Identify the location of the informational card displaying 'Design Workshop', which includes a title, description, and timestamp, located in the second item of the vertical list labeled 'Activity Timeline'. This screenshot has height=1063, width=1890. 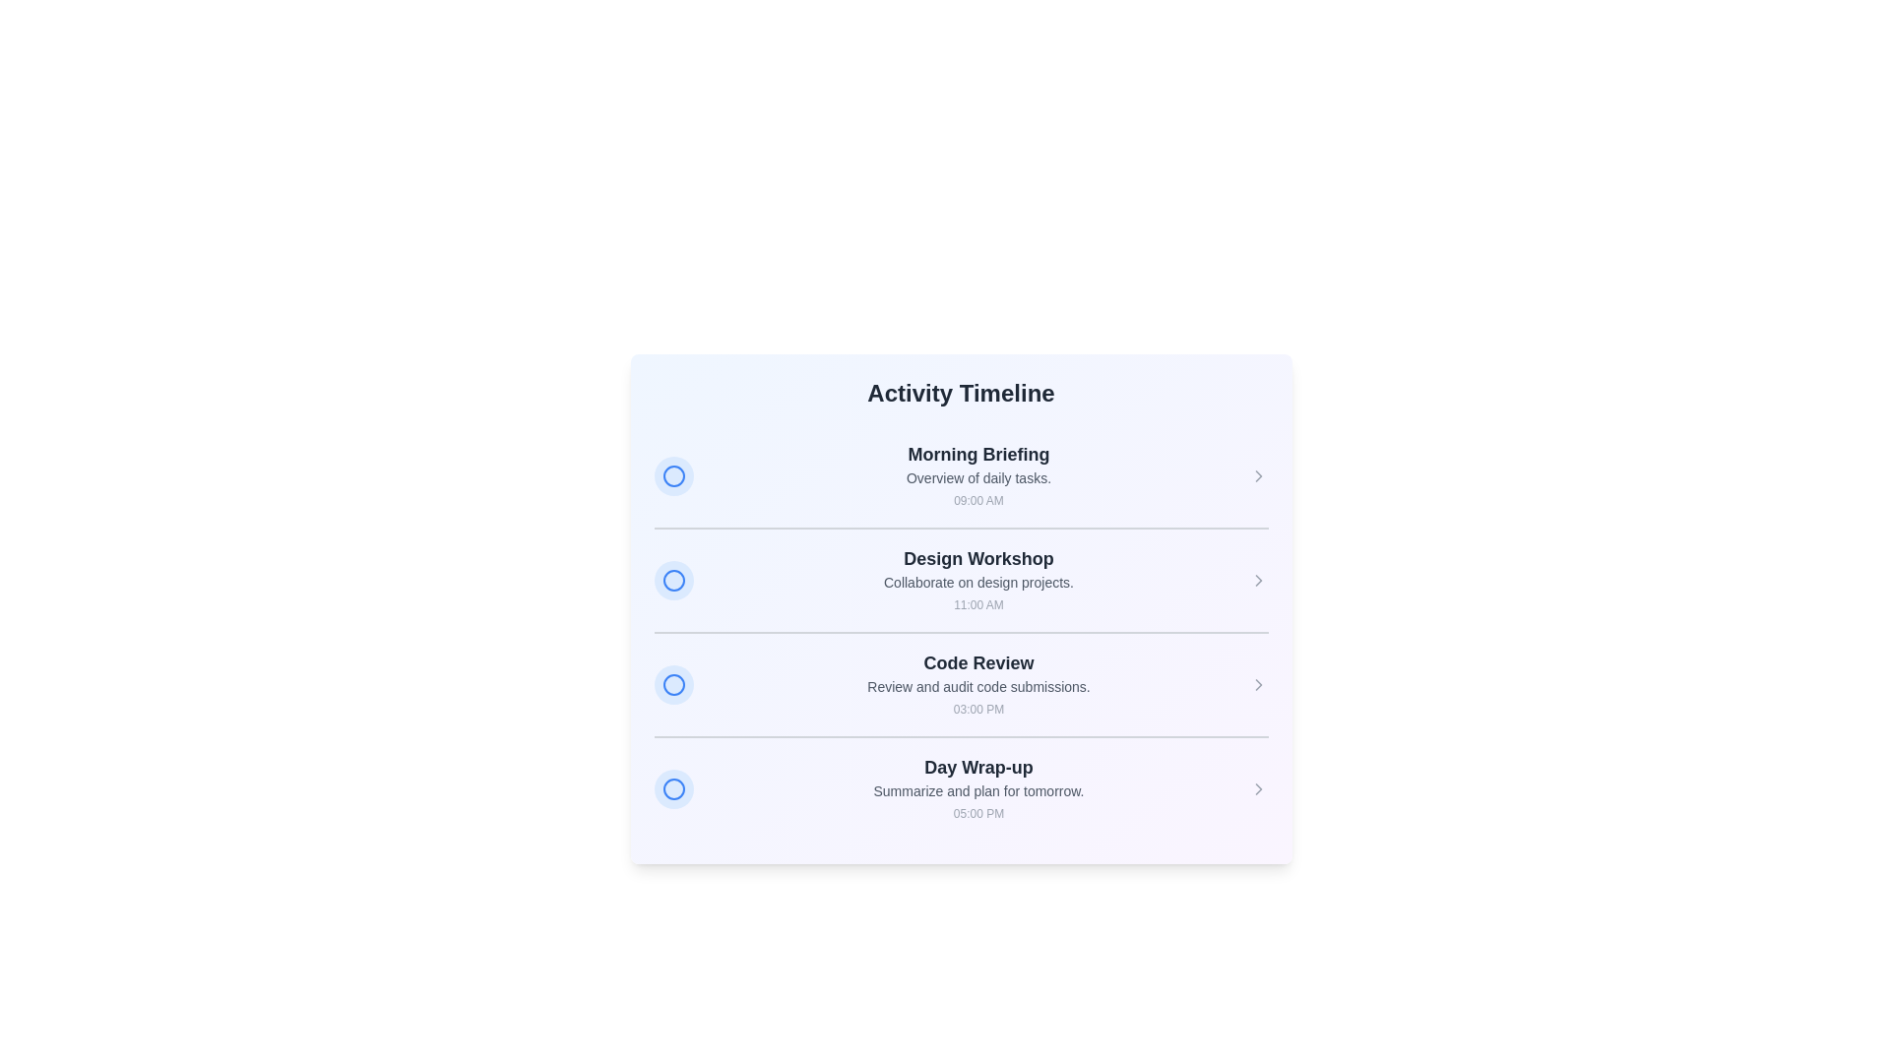
(978, 580).